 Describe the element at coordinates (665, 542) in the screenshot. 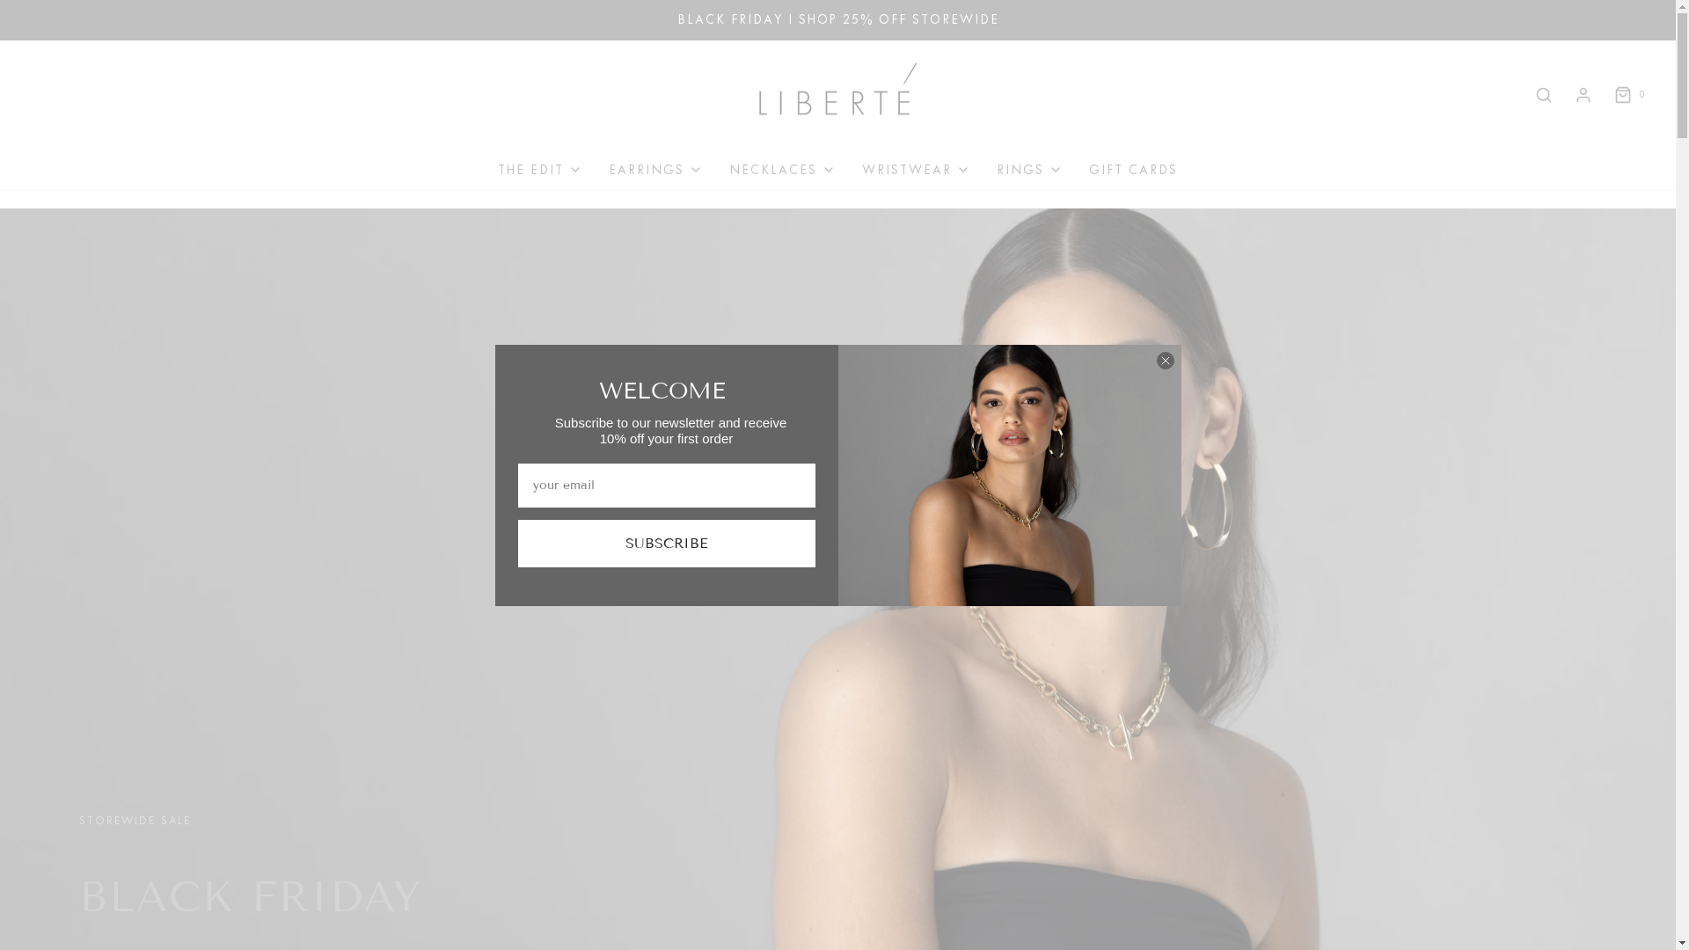

I see `'SUBSCRIBE'` at that location.